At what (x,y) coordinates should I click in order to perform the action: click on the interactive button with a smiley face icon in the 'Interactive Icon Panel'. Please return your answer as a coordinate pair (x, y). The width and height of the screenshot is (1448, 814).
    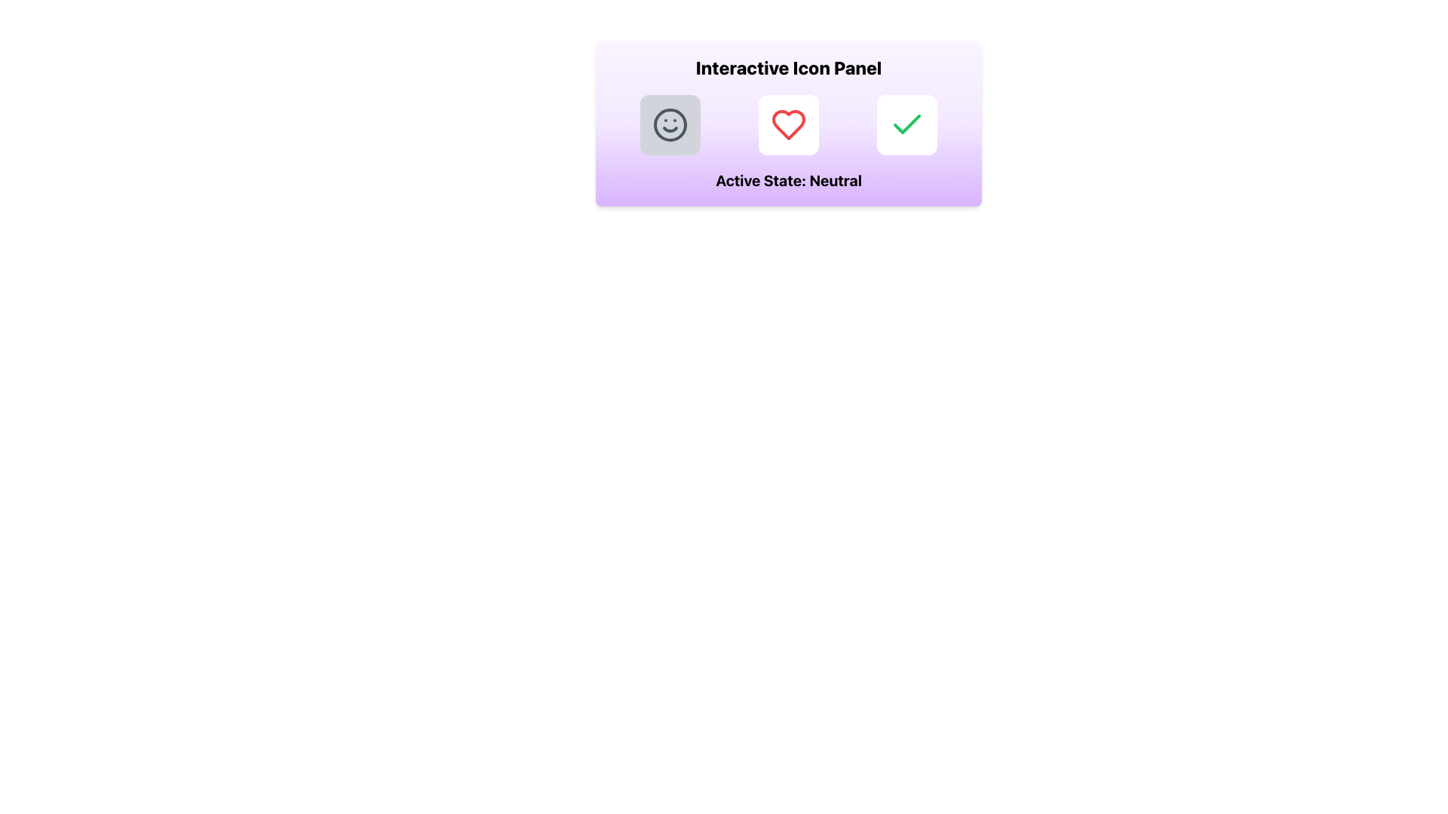
    Looking at the image, I should click on (669, 124).